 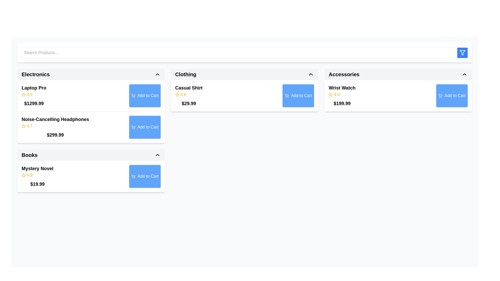 What do you see at coordinates (34, 103) in the screenshot?
I see `the price text label indicating the price of the 'Laptop Pro' product, located within the 'Electronics' category card` at bounding box center [34, 103].